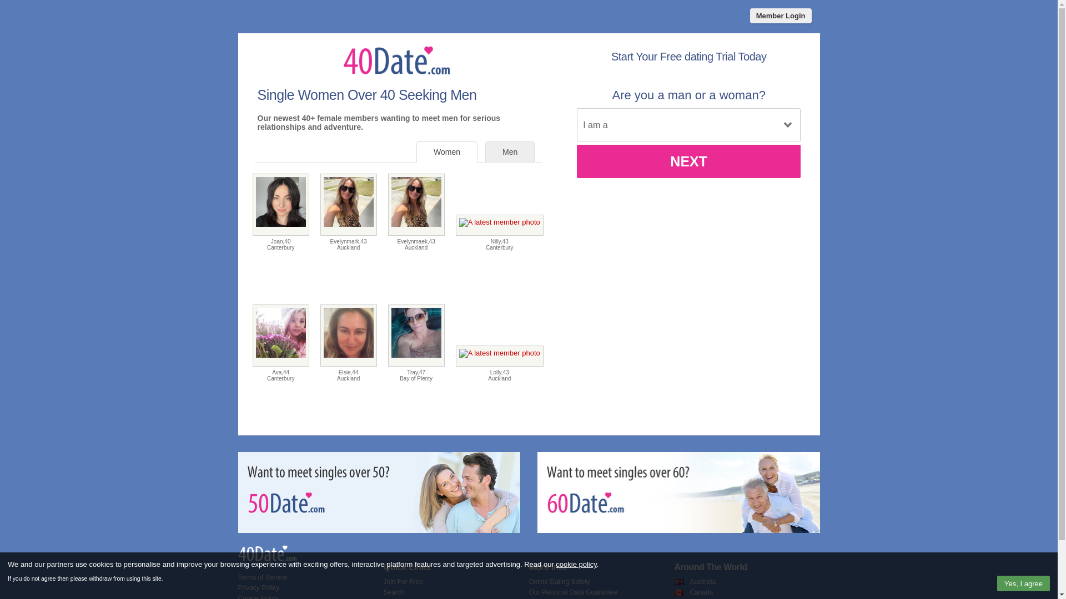  What do you see at coordinates (319, 335) in the screenshot?
I see `'Elsie, 44 from Auckland, Auckland'` at bounding box center [319, 335].